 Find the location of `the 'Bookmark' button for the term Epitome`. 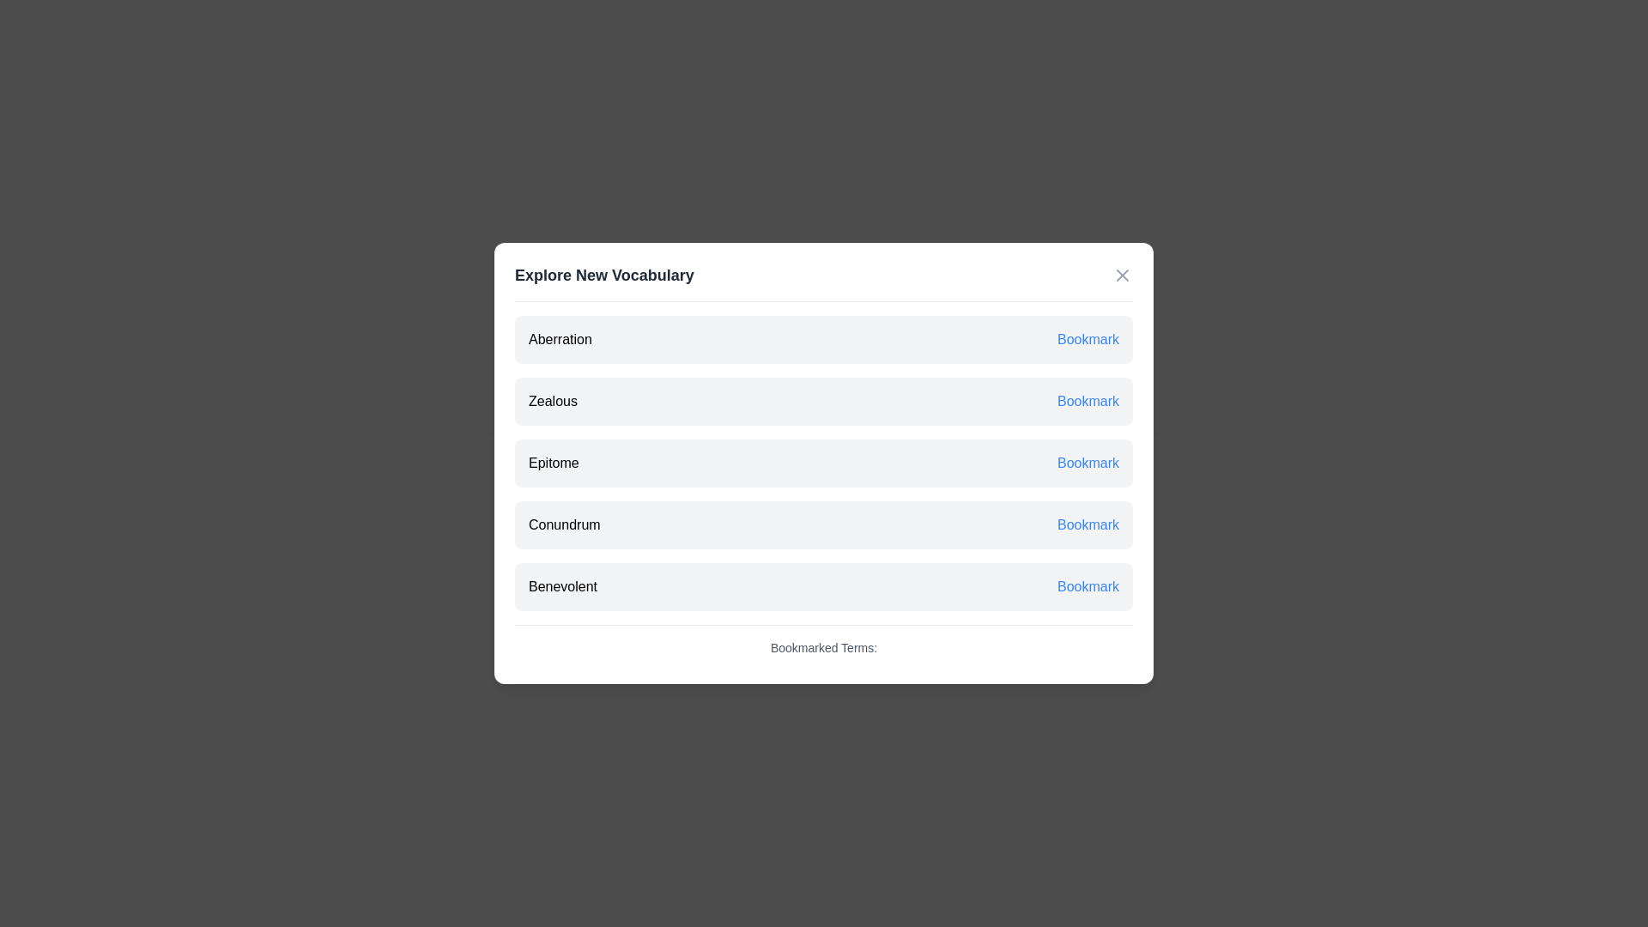

the 'Bookmark' button for the term Epitome is located at coordinates (1087, 463).